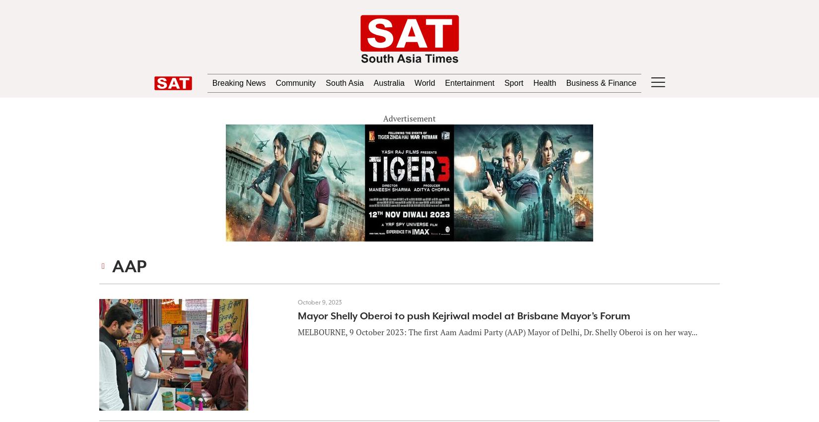  I want to click on 'Breaking News', so click(219, 82).